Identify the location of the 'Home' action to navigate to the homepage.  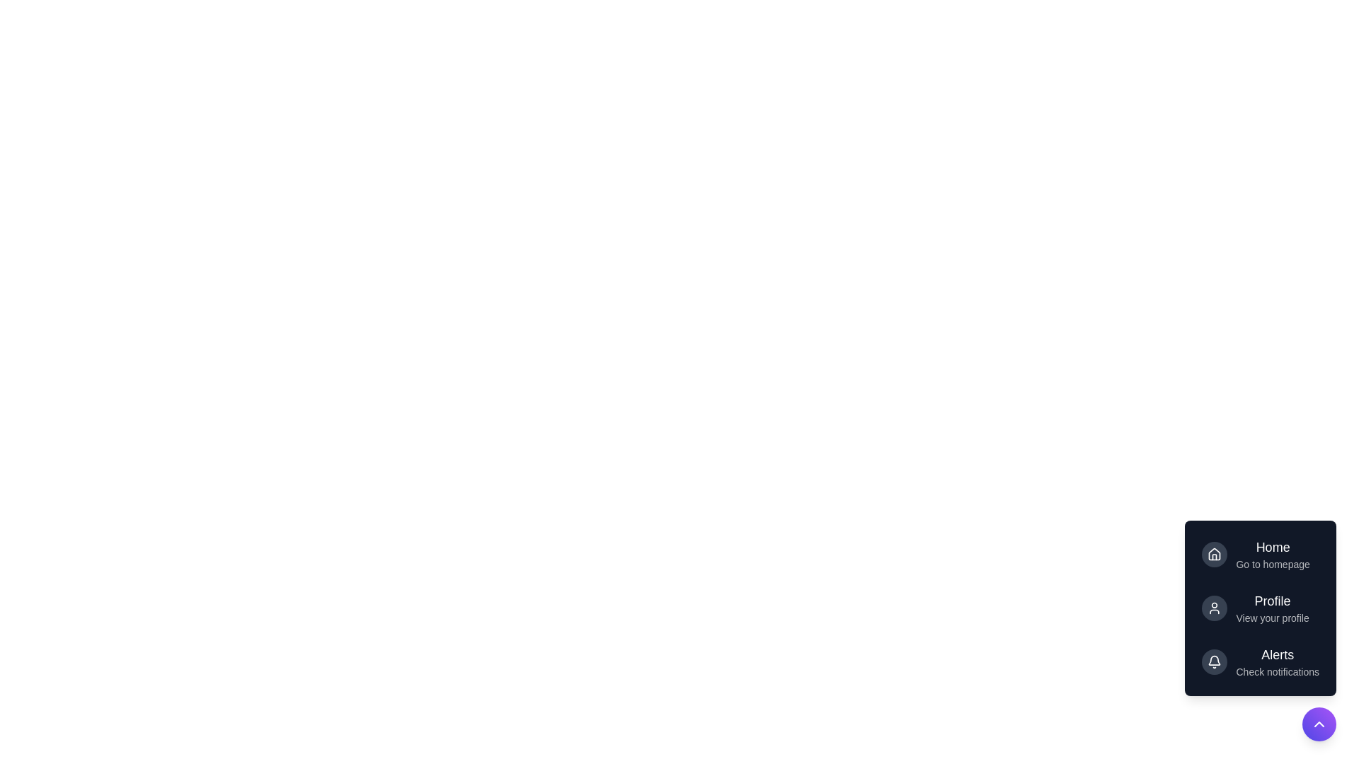
(1260, 553).